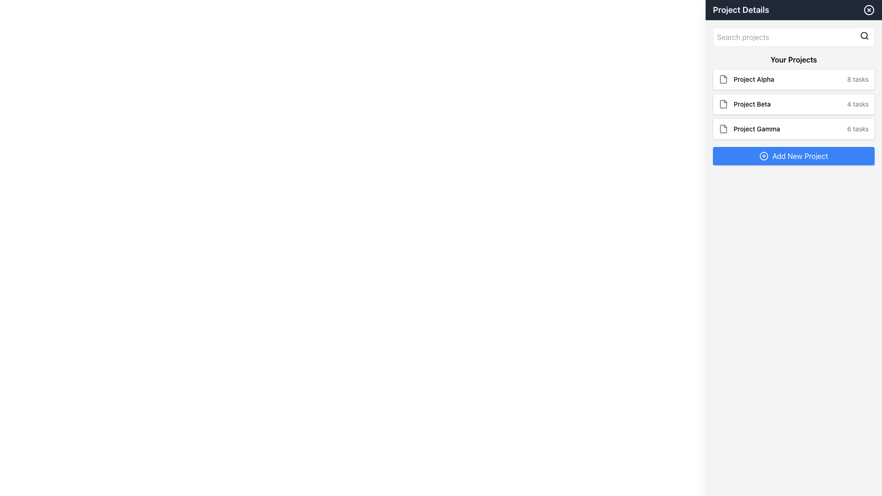 This screenshot has height=496, width=882. Describe the element at coordinates (723, 104) in the screenshot. I see `the project icon representing 'Project Beta', which is located adjacent to the text in the second position of the 'Your Projects' list in the 'Project Details' panel` at that location.